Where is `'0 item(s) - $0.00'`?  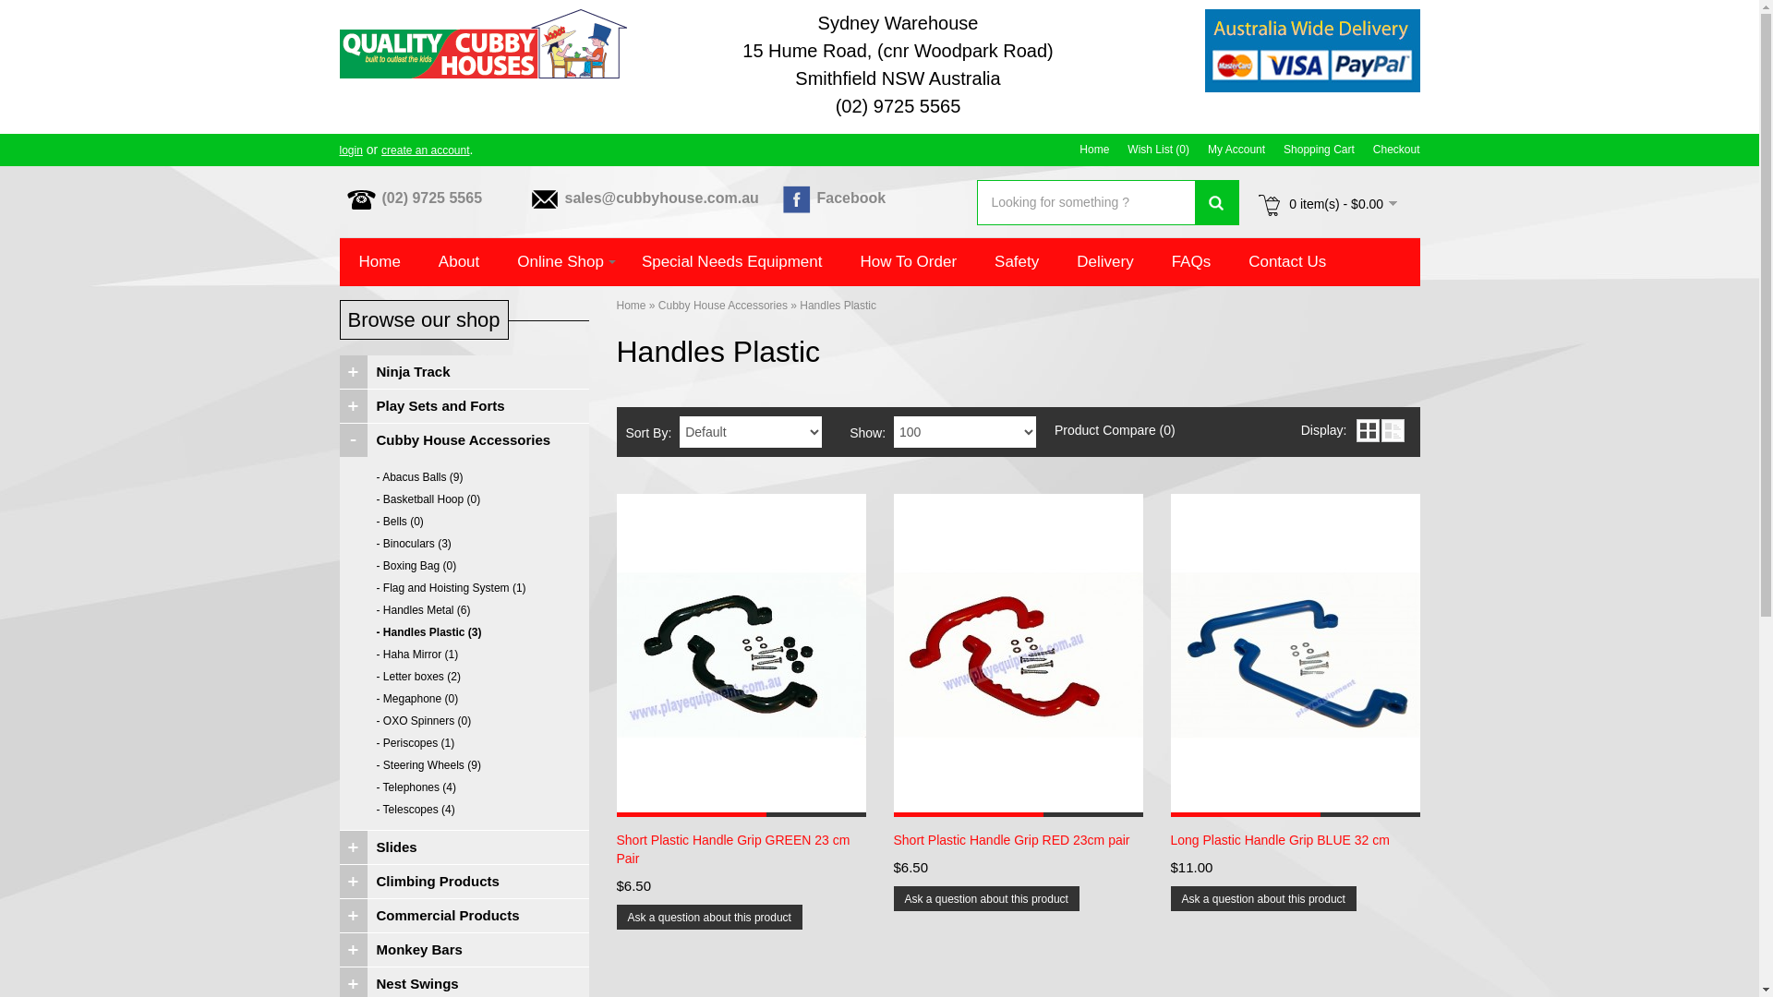 '0 item(s) - $0.00' is located at coordinates (1327, 203).